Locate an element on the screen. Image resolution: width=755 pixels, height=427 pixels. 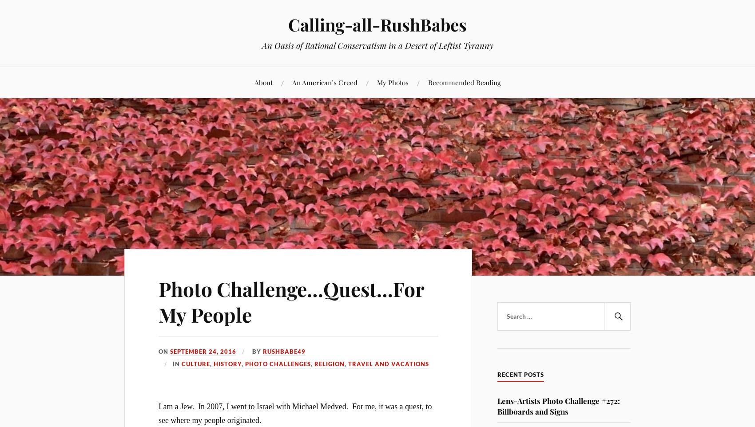
'Recent Posts' is located at coordinates (497, 374).